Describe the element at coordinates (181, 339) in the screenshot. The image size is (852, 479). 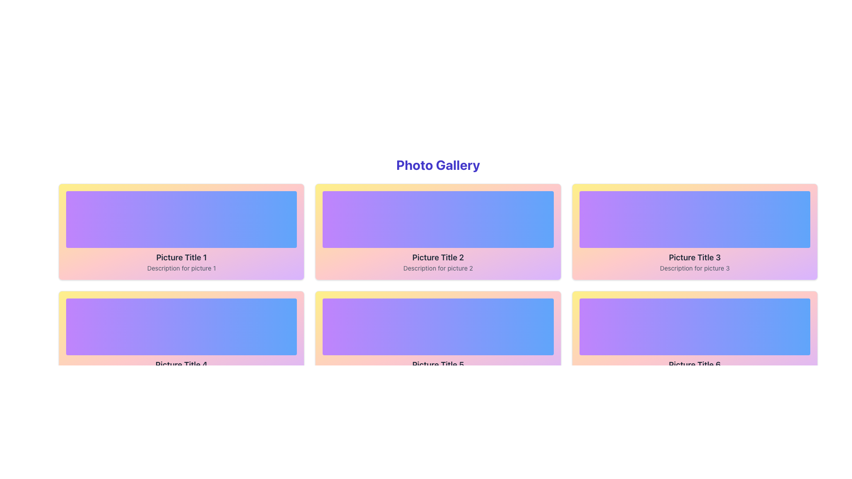
I see `the Card component that features a gradient background with the title 'Picture Title 4' and the description 'Description for picture 4', located in the second row, first column of the grid layout` at that location.